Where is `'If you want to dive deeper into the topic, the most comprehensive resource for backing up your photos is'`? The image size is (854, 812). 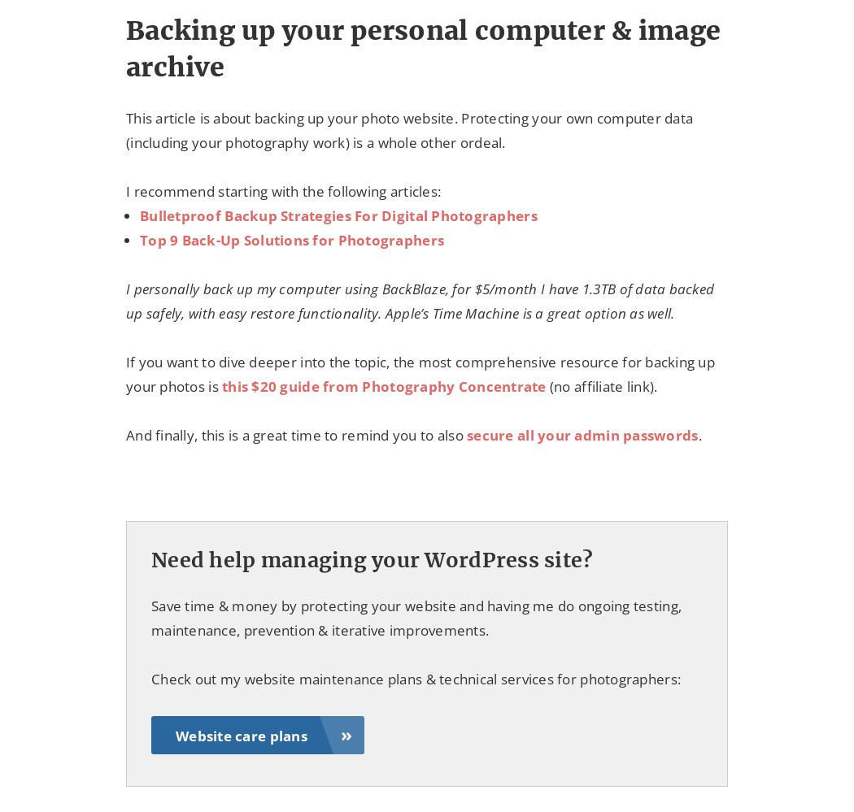
'If you want to dive deeper into the topic, the most comprehensive resource for backing up your photos is' is located at coordinates (125, 374).